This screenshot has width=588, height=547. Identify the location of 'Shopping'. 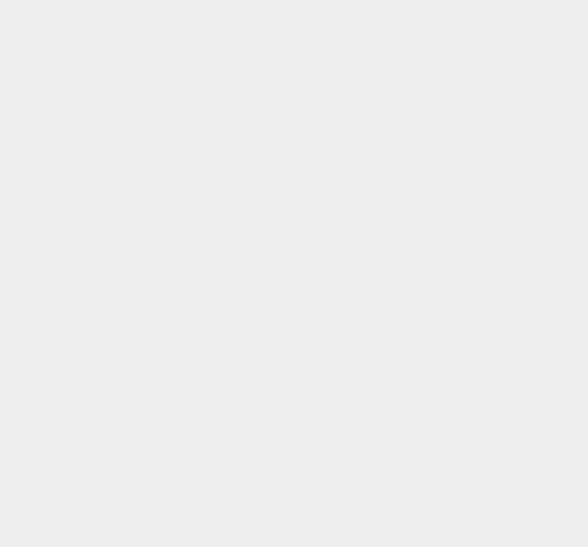
(430, 397).